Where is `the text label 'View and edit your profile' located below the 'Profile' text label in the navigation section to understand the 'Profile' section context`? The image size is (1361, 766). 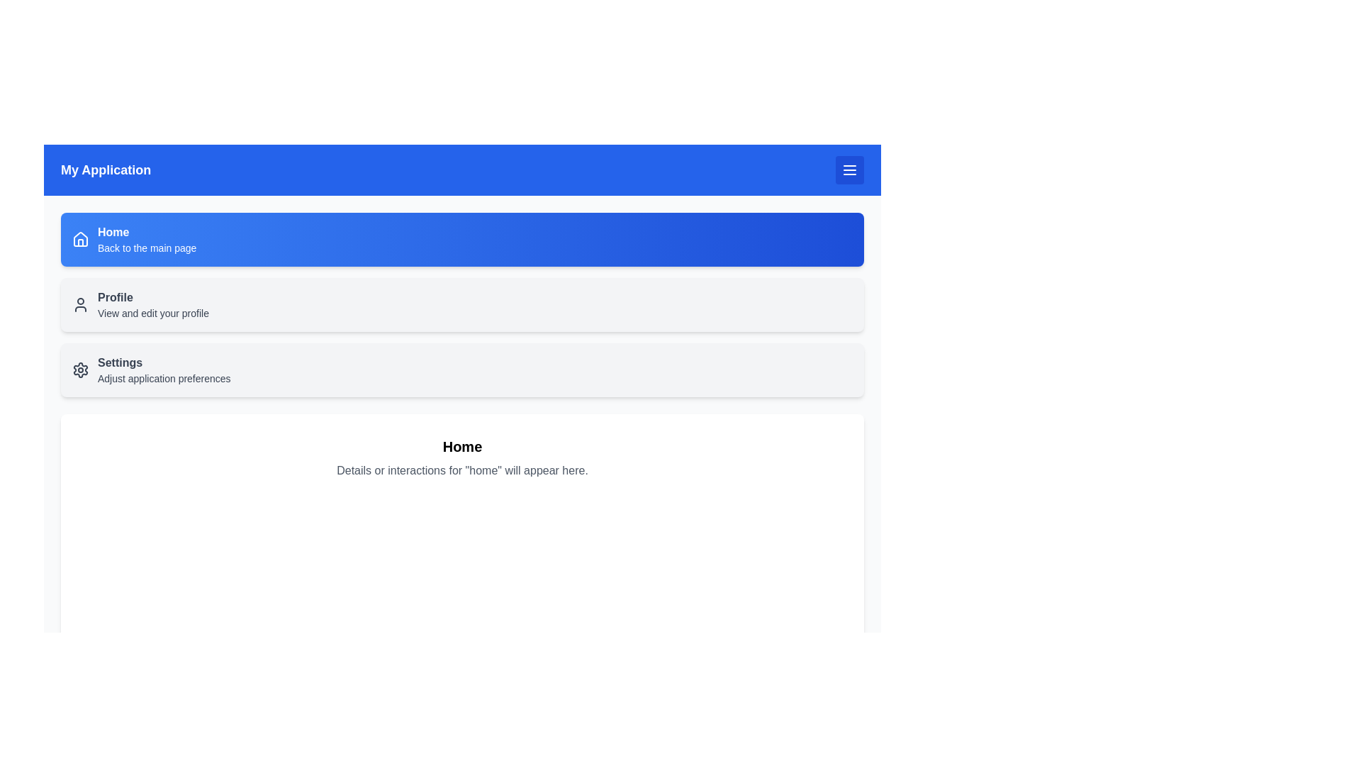 the text label 'View and edit your profile' located below the 'Profile' text label in the navigation section to understand the 'Profile' section context is located at coordinates (153, 313).